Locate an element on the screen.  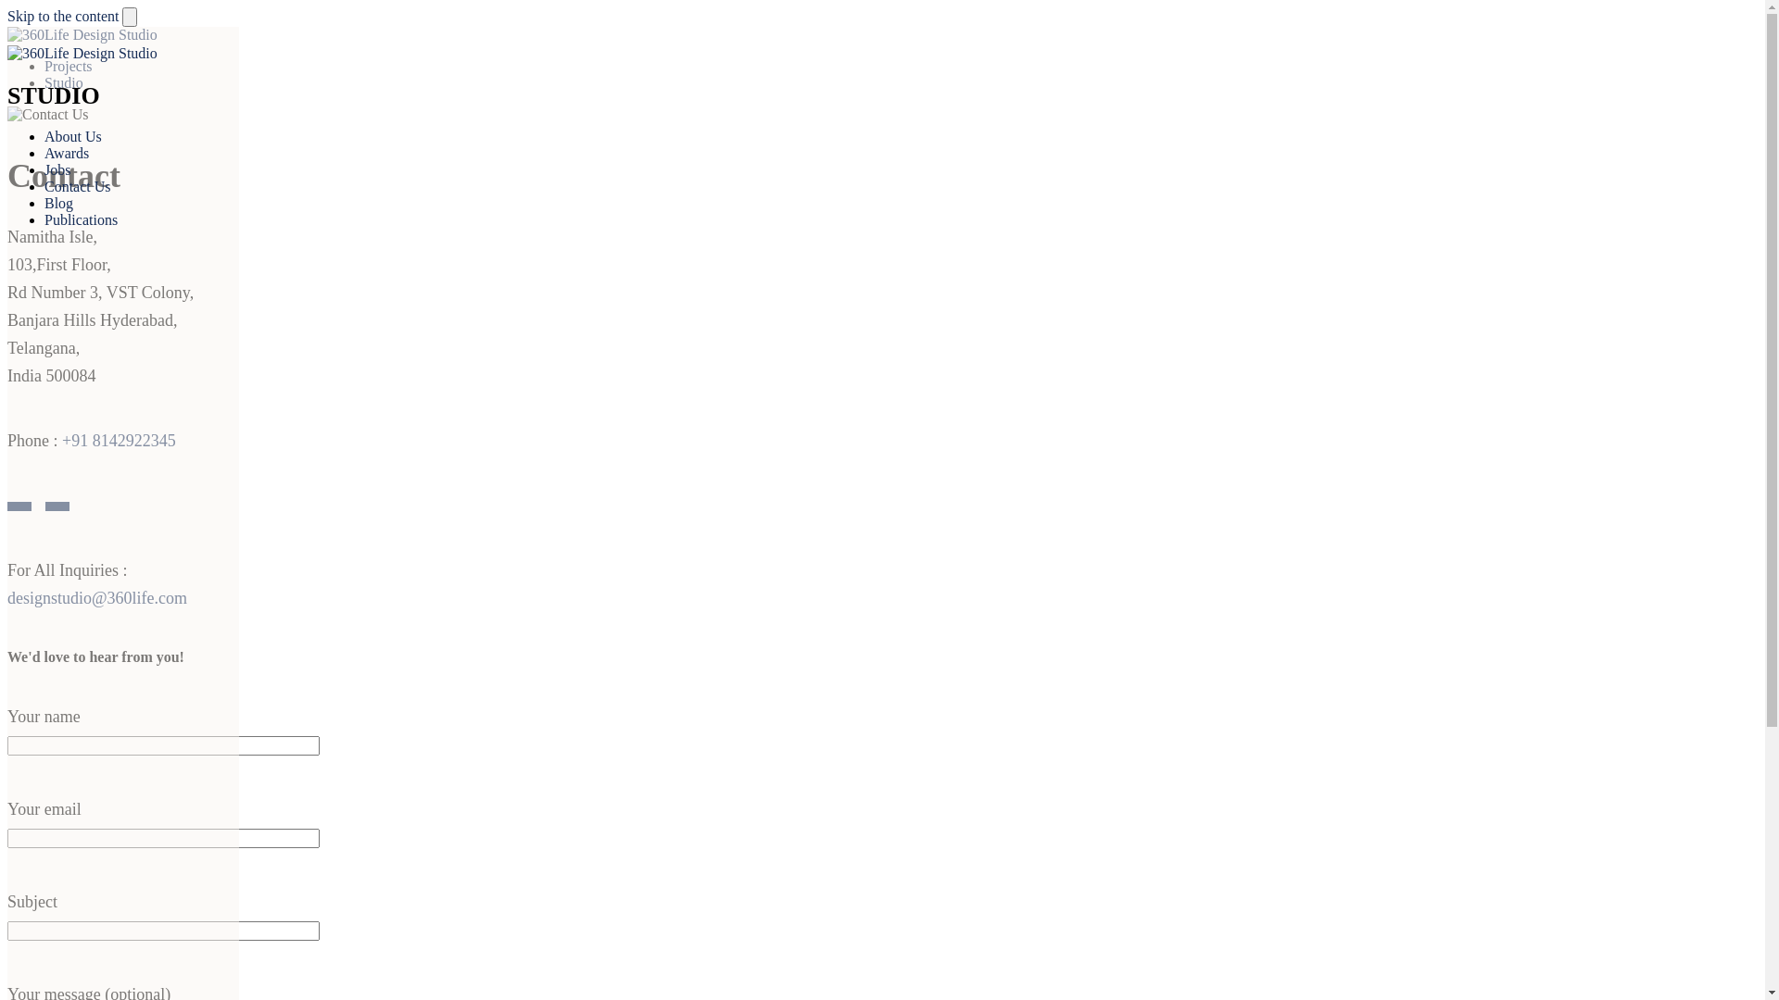
'Studio' is located at coordinates (63, 81).